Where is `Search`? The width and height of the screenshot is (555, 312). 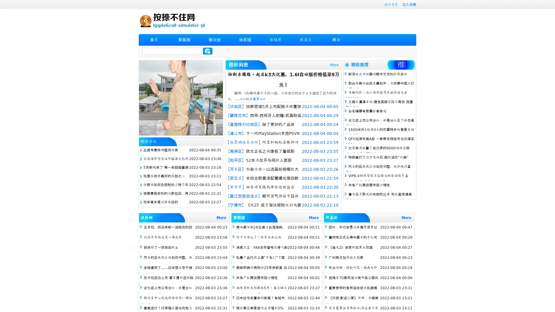 Search is located at coordinates (208, 51).